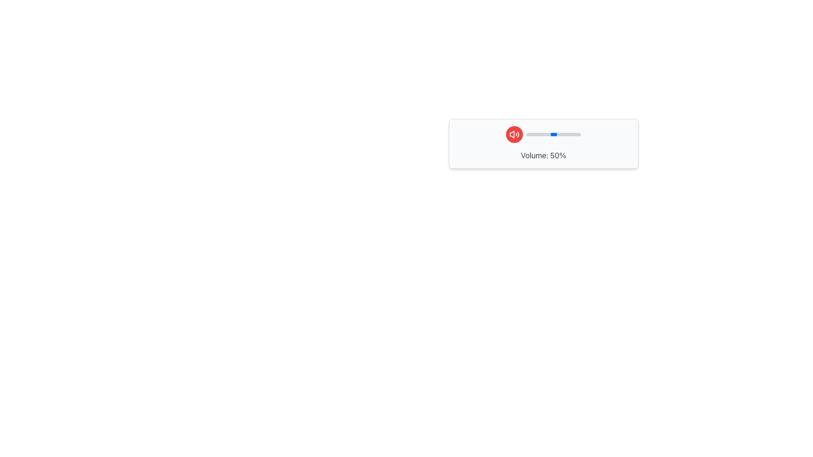 This screenshot has height=457, width=813. I want to click on volume, so click(559, 134).